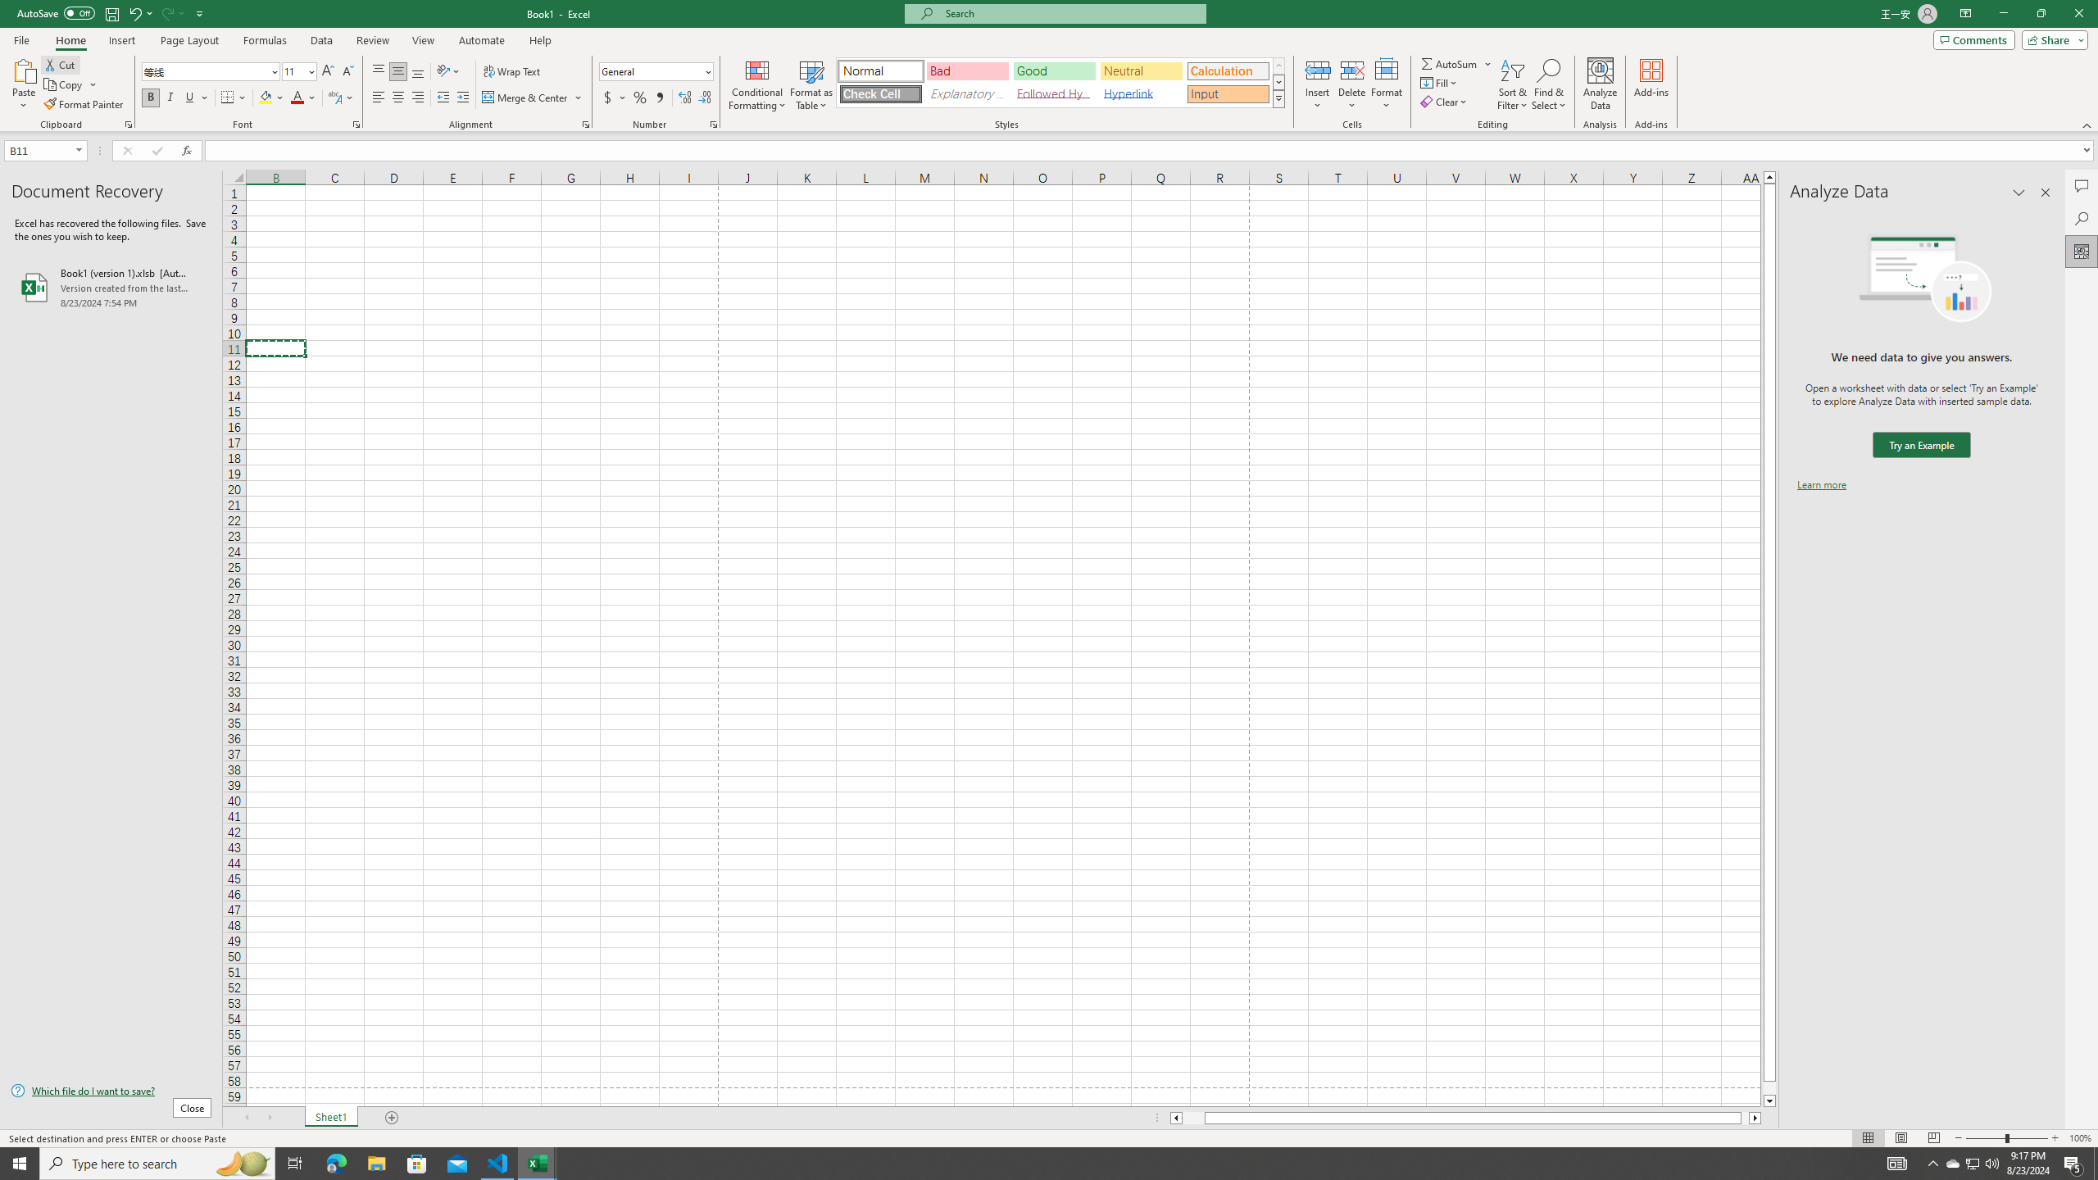  What do you see at coordinates (656, 71) in the screenshot?
I see `'Number Format'` at bounding box center [656, 71].